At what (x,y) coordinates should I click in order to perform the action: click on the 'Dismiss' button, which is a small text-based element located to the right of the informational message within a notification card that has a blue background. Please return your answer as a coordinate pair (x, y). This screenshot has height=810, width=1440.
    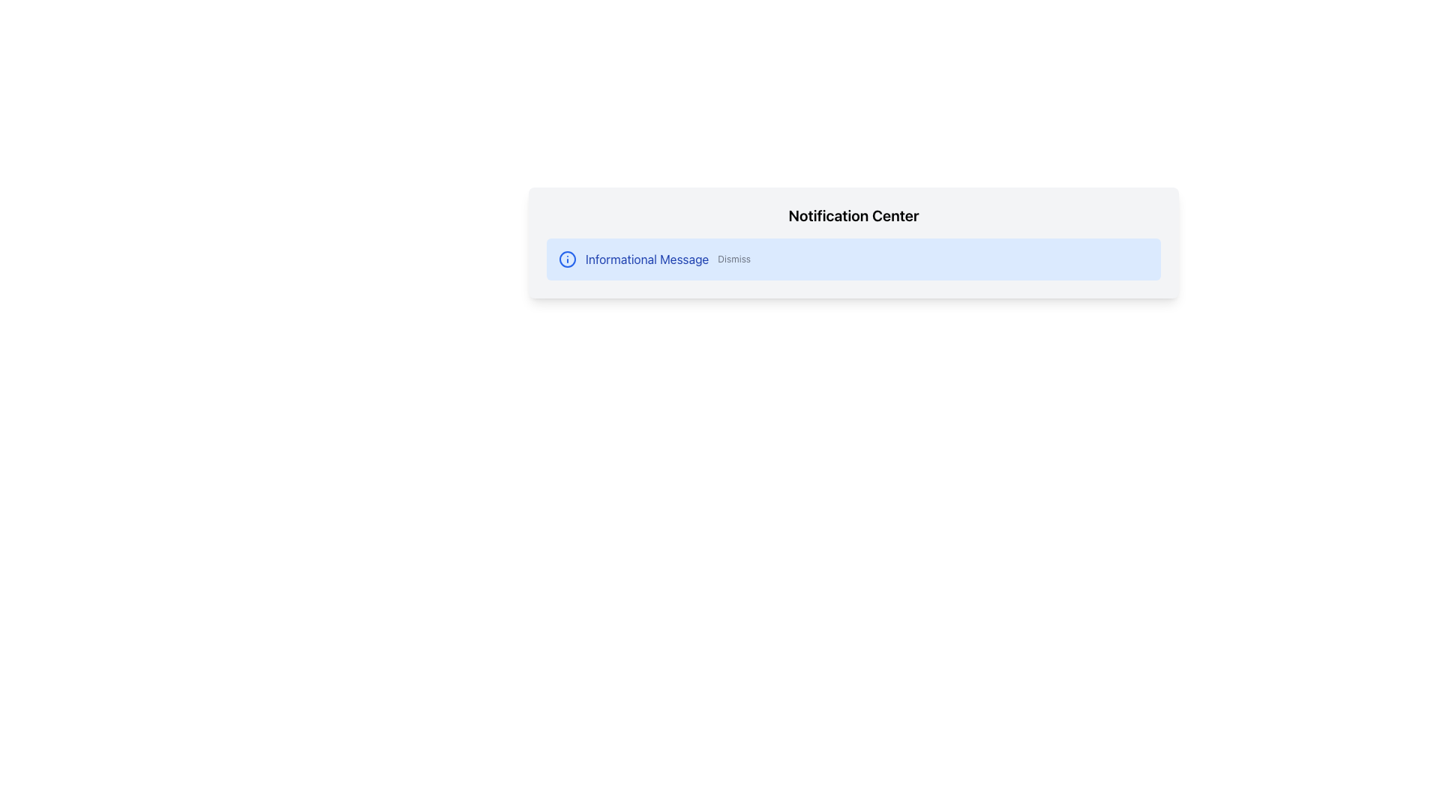
    Looking at the image, I should click on (734, 259).